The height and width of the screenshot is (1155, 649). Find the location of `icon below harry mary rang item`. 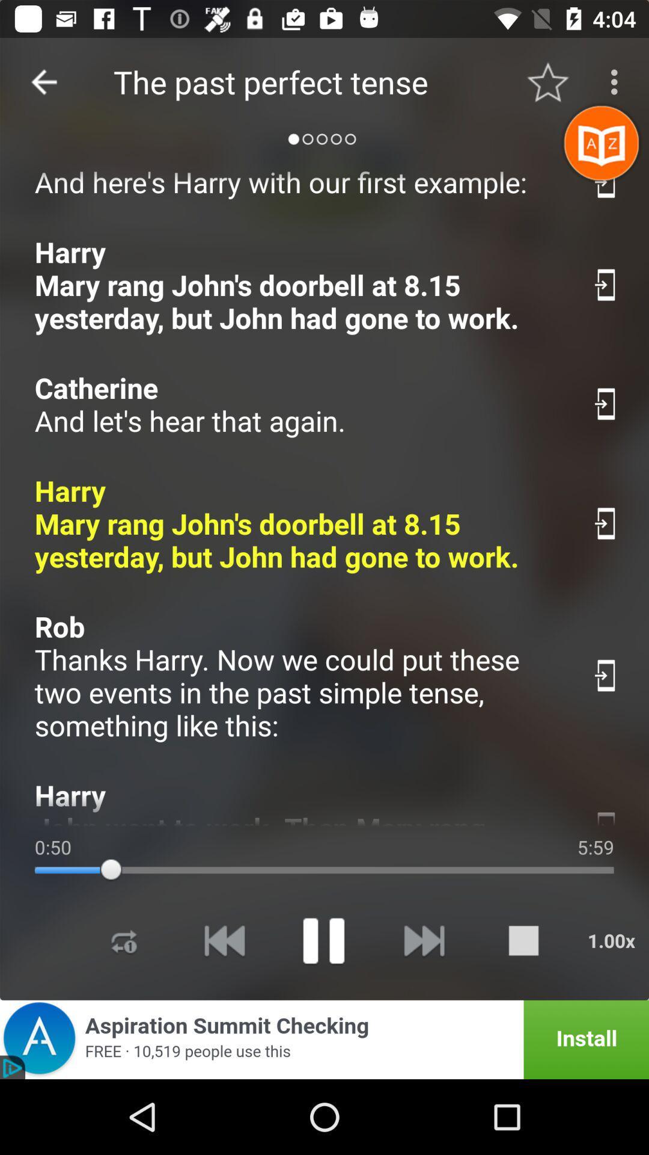

icon below harry mary rang item is located at coordinates (300, 404).